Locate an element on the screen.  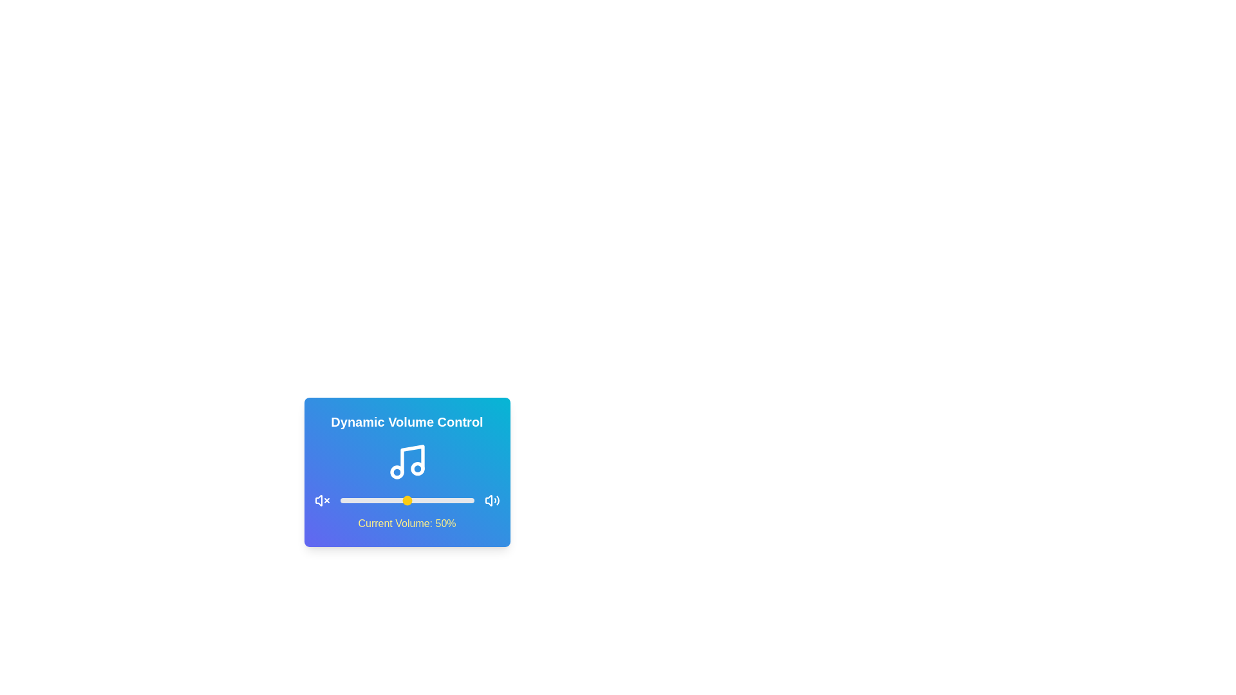
the mute icon to mute the volume is located at coordinates (322, 500).